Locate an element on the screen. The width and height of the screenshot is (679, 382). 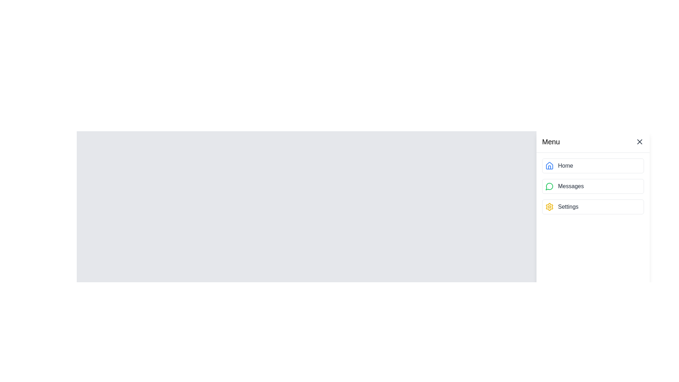
the green circular speech bubble icon located to the left of the text 'Messages' is located at coordinates (549, 186).